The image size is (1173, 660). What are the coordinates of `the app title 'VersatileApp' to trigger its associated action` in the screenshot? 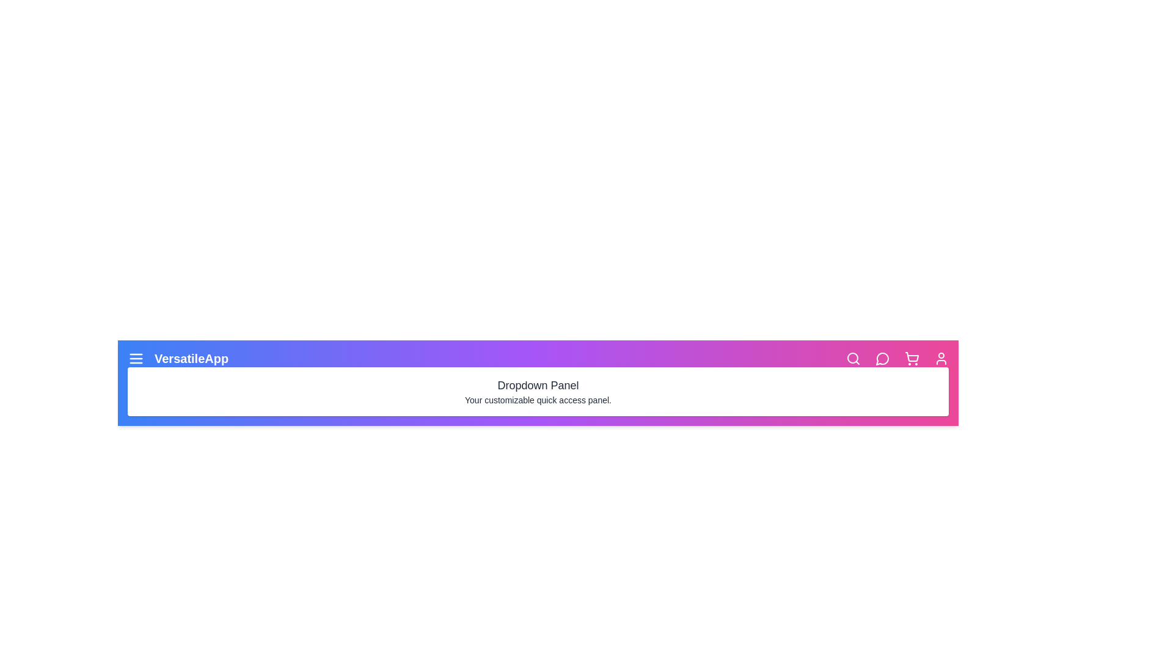 It's located at (190, 358).